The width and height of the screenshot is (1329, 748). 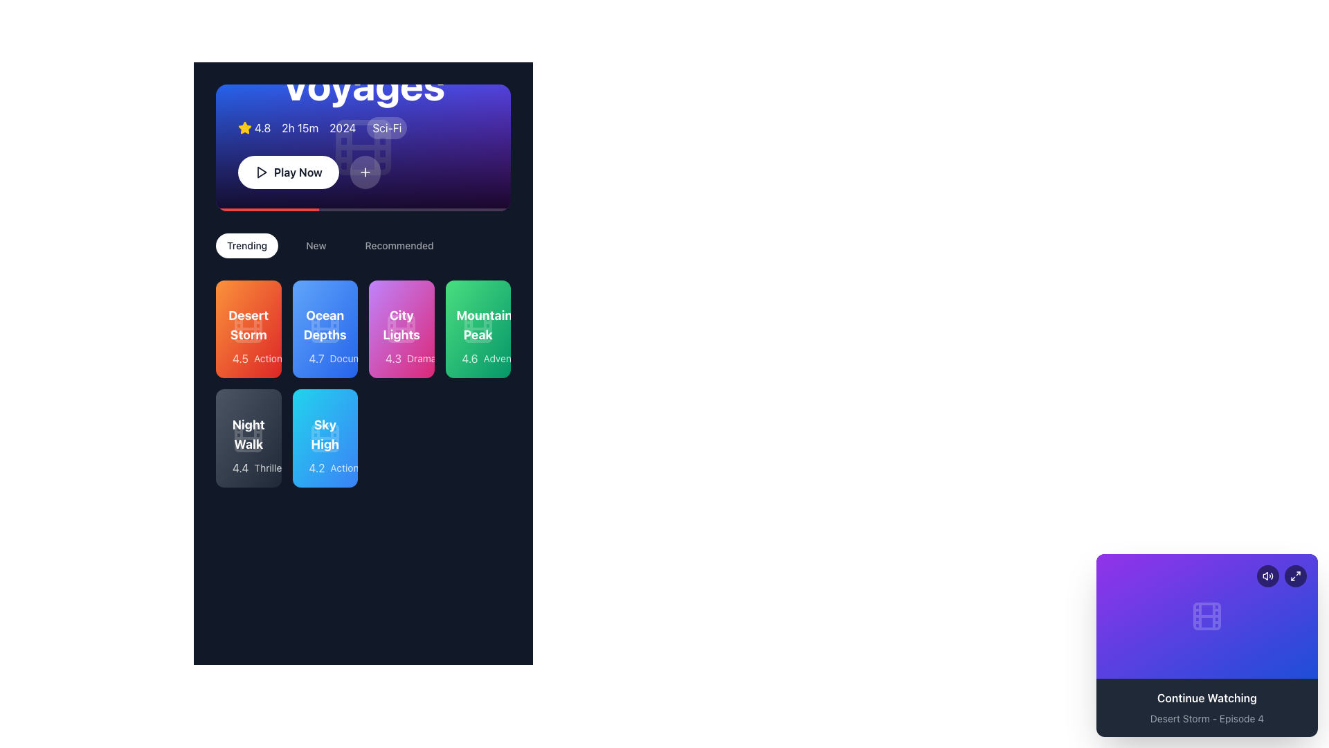 What do you see at coordinates (478, 358) in the screenshot?
I see `the Composite text with an icon (rating and genre indicator) located within the green card labeled 'Mountain Peak', positioned directly beneath the title 'Mountain Peak'` at bounding box center [478, 358].